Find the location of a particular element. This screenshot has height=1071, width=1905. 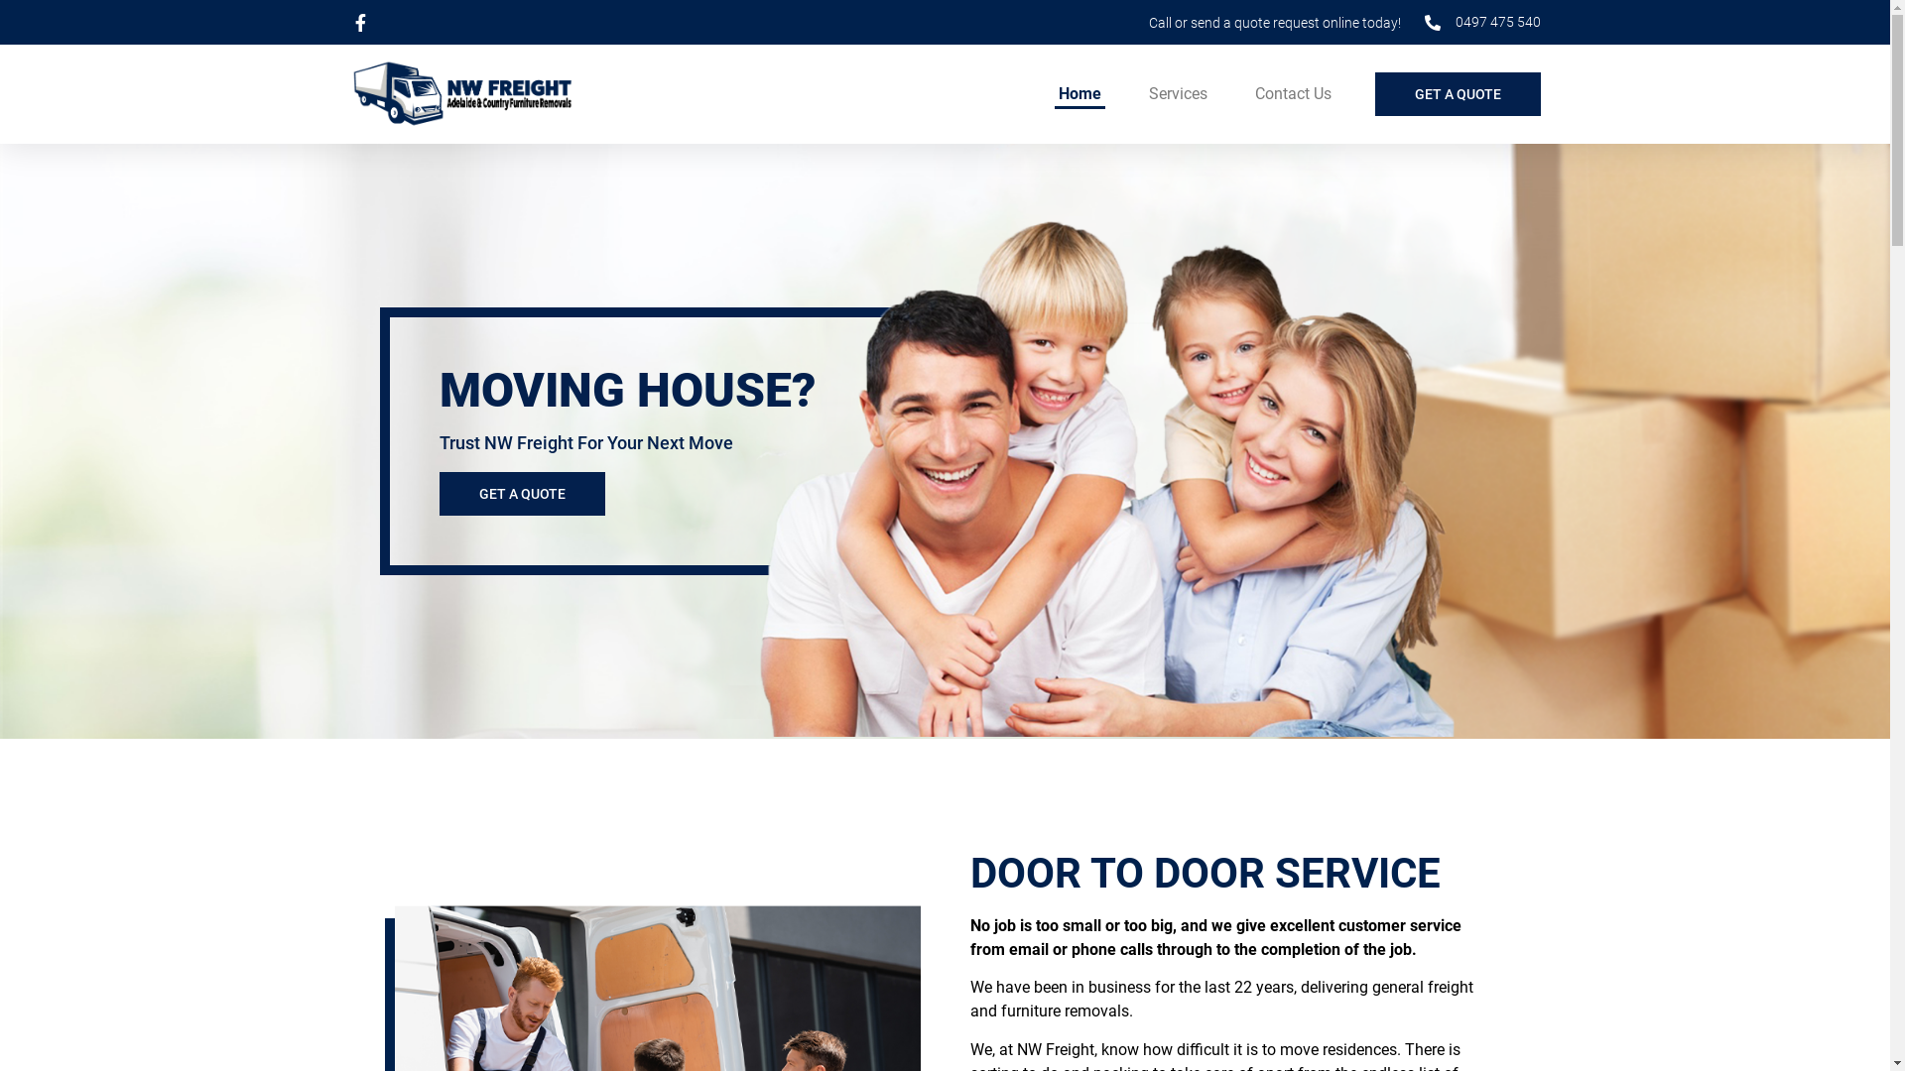

'GET A QUOTE' is located at coordinates (1458, 94).